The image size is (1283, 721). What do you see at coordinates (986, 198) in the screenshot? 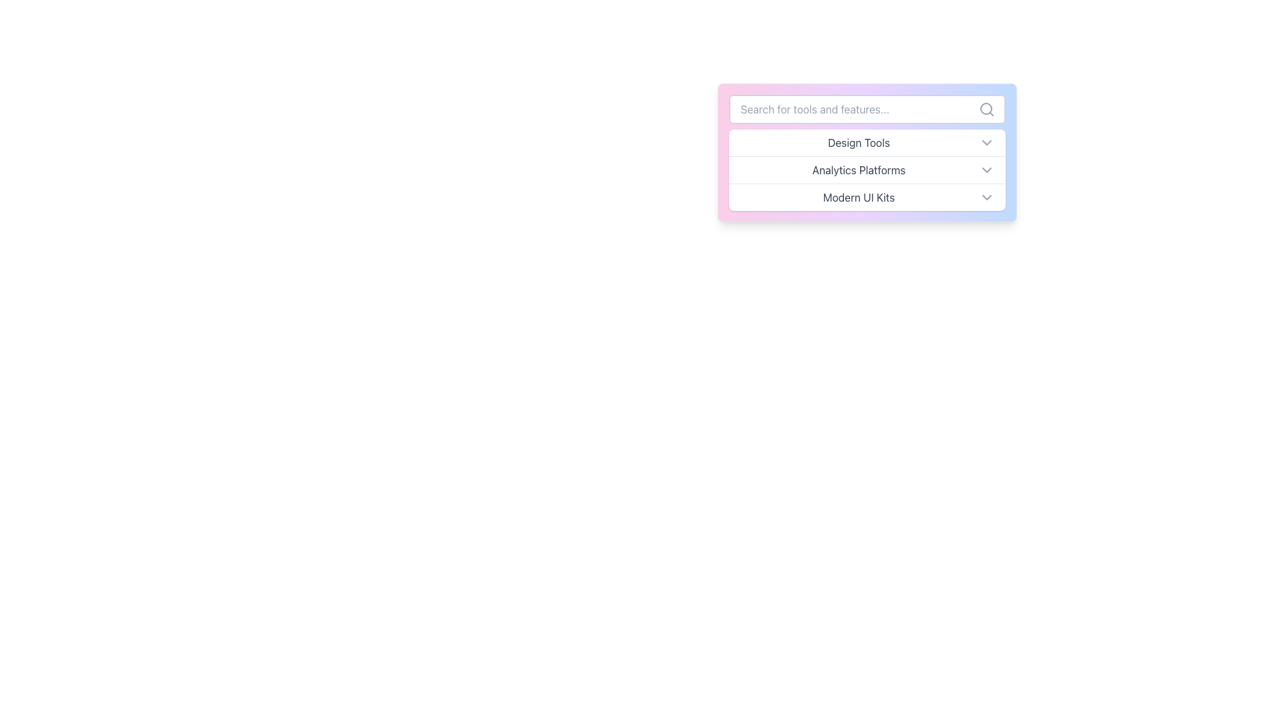
I see `the downward-pointing chevron icon on the far-right edge of the 'Modern UI Kits' row` at bounding box center [986, 198].